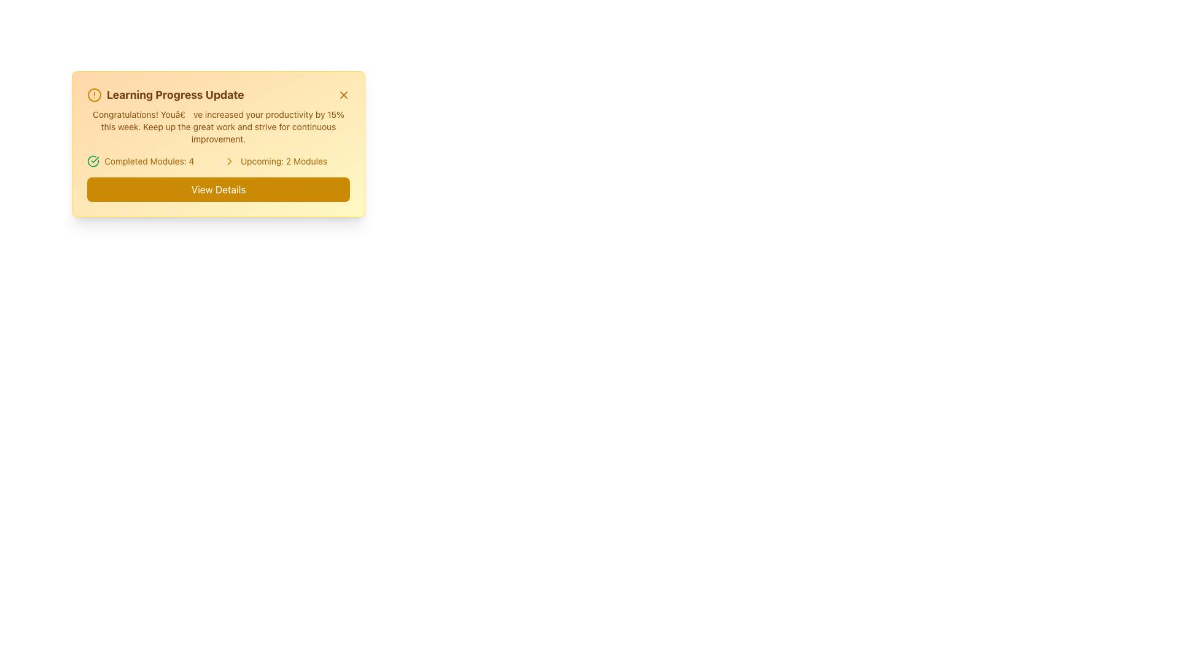  What do you see at coordinates (344, 94) in the screenshot?
I see `the close button located at the top-right corner of the notification card, adjacent to the text 'Learning Progress Update', to observe any interactive styling` at bounding box center [344, 94].